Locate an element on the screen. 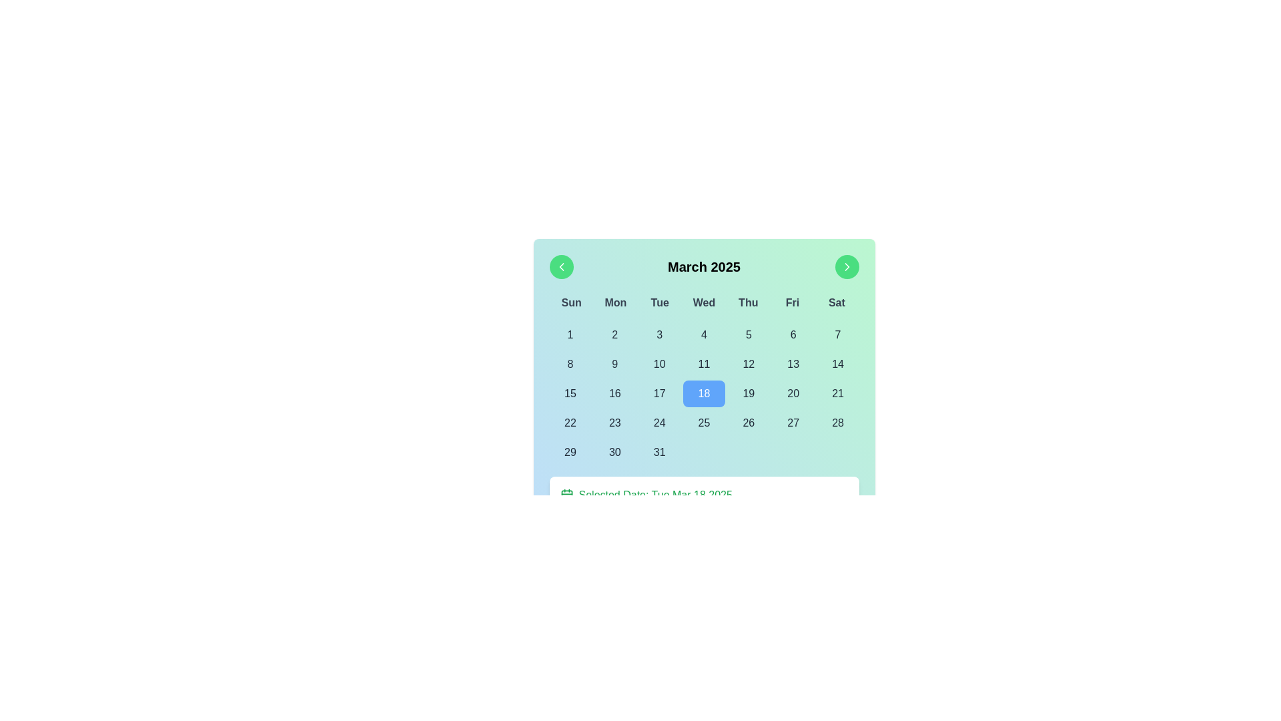 The width and height of the screenshot is (1281, 721). the calendar date box displaying the number '20' for March 20, 2025, to change its visual style is located at coordinates (793, 393).